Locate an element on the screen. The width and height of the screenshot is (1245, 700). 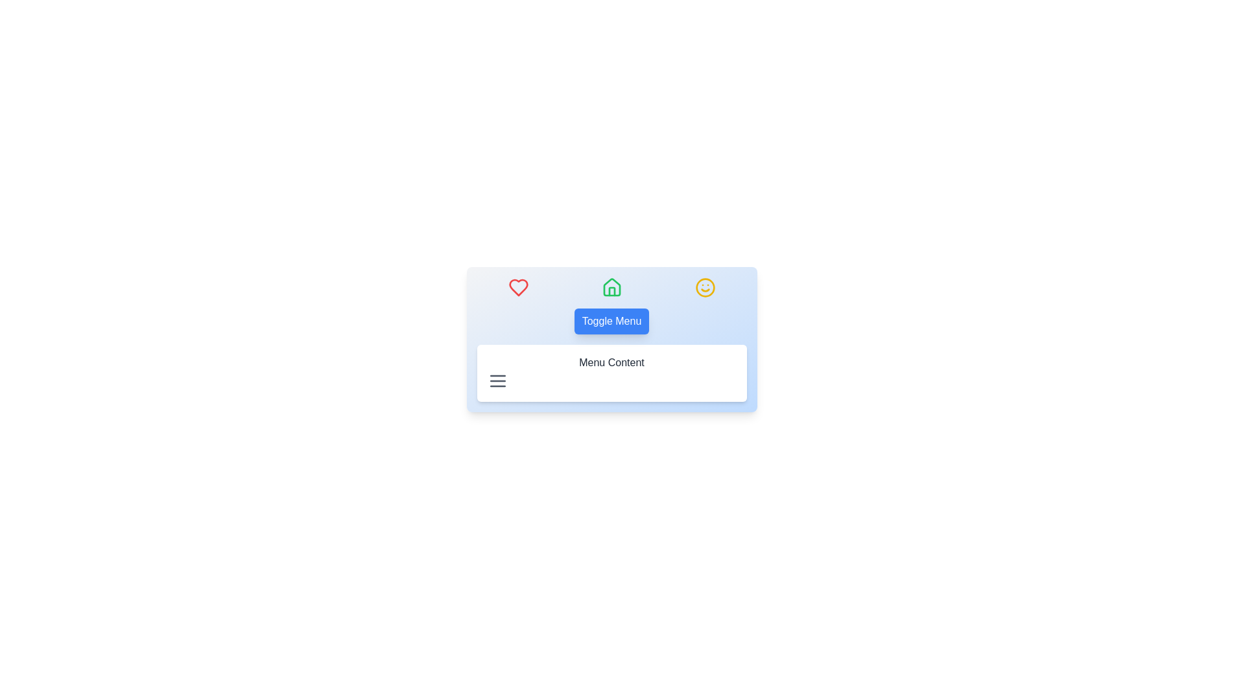
the central icon in the row of three icons, which serves as a button or link to the home or main page is located at coordinates (611, 286).